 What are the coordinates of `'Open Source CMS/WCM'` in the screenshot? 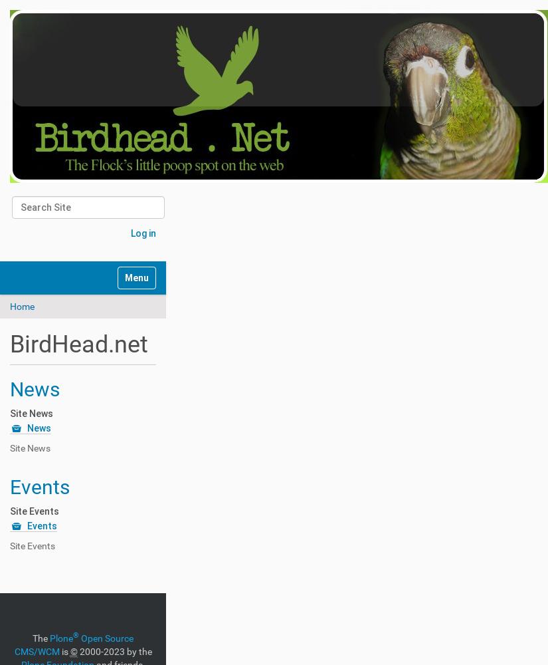 It's located at (73, 644).